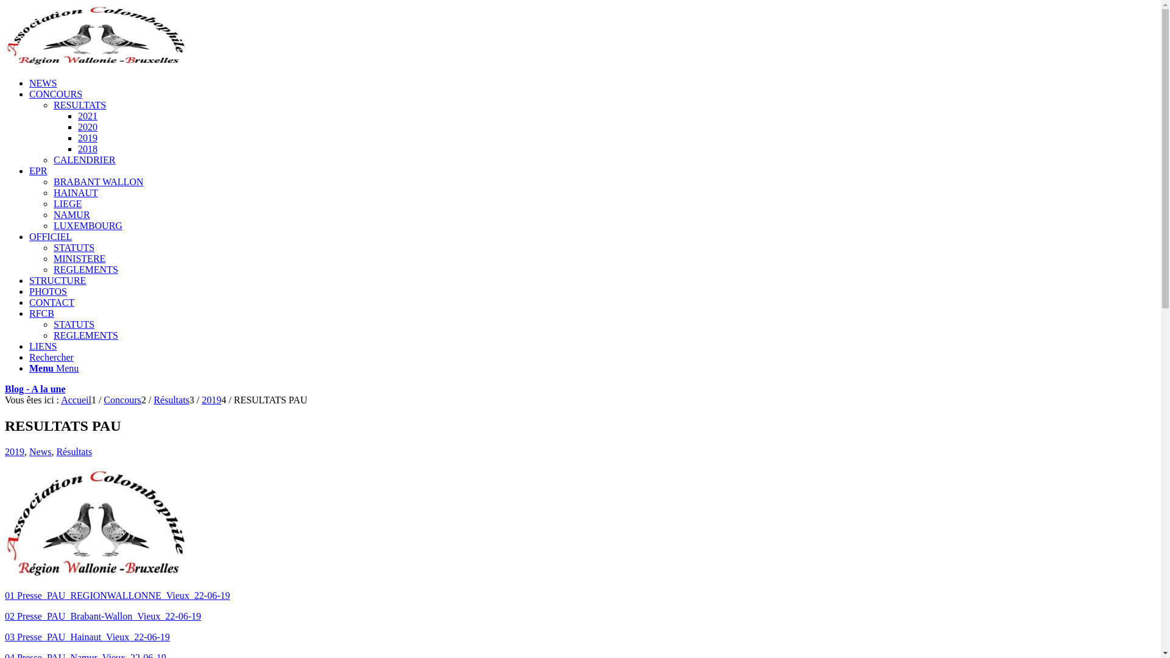 Image resolution: width=1170 pixels, height=658 pixels. Describe the element at coordinates (87, 636) in the screenshot. I see `'03 Presse_PAU_Hainaut_Vieux_22-06-19'` at that location.